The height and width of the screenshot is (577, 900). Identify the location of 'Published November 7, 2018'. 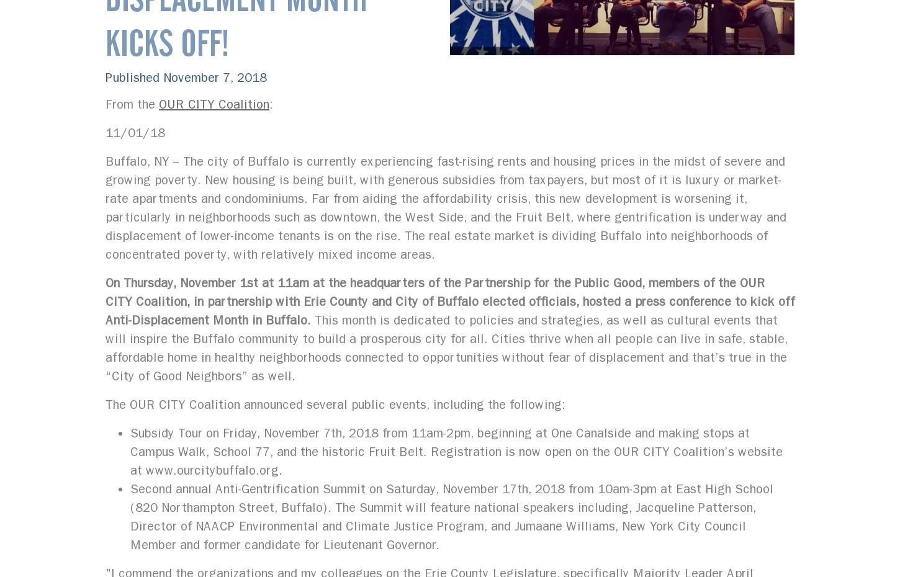
(186, 78).